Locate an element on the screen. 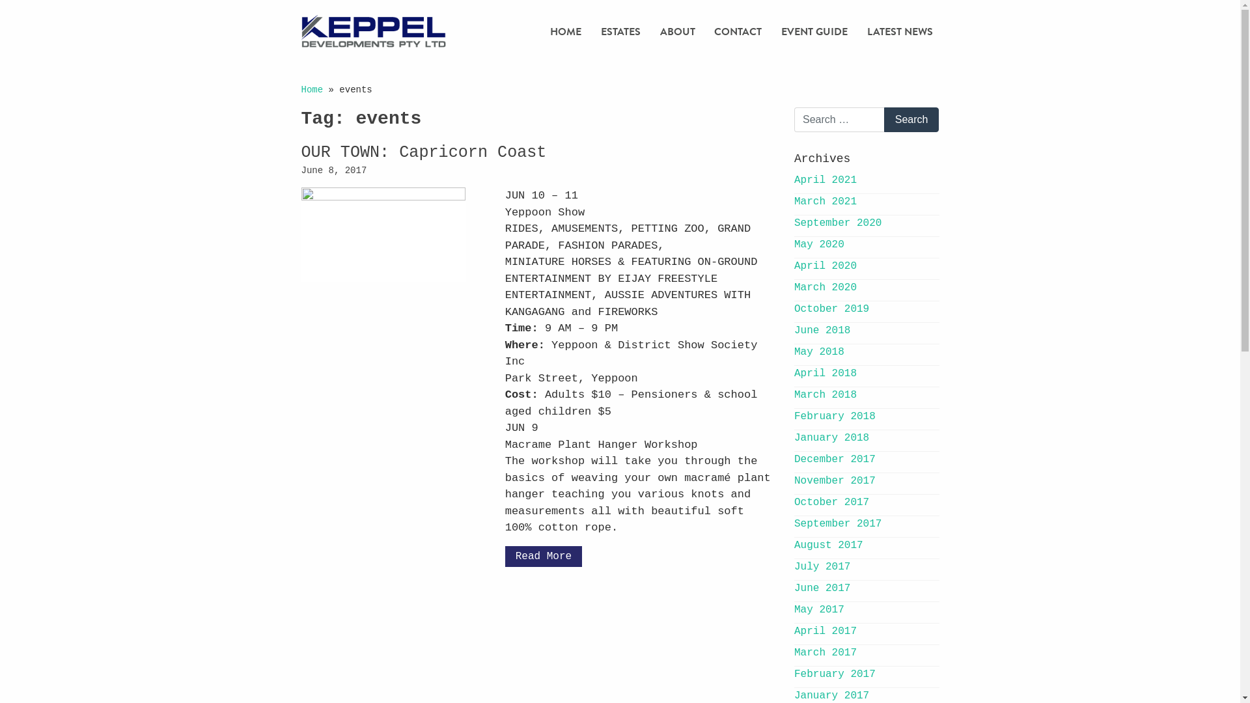 This screenshot has height=703, width=1250. 'October 2017' is located at coordinates (831, 501).